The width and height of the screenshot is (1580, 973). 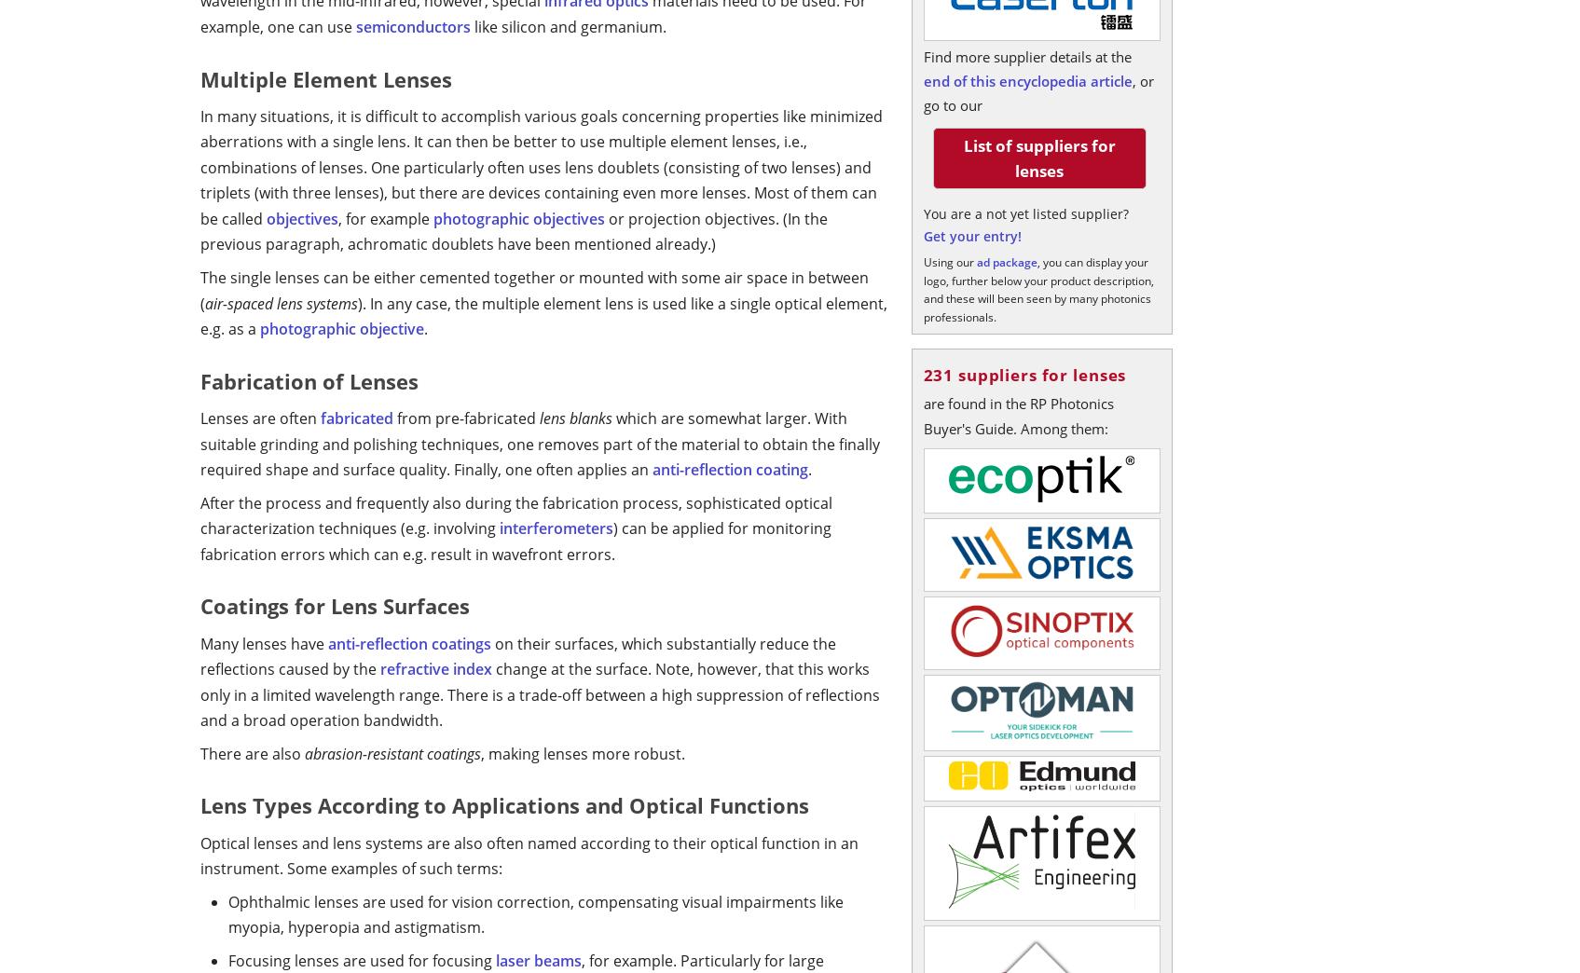 I want to click on ', making lenses more robust.', so click(x=582, y=751).